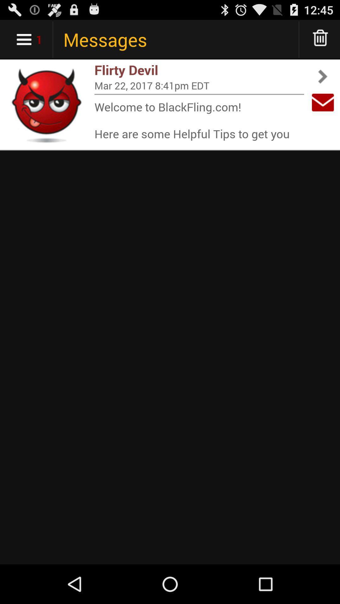  I want to click on delete, so click(320, 39).